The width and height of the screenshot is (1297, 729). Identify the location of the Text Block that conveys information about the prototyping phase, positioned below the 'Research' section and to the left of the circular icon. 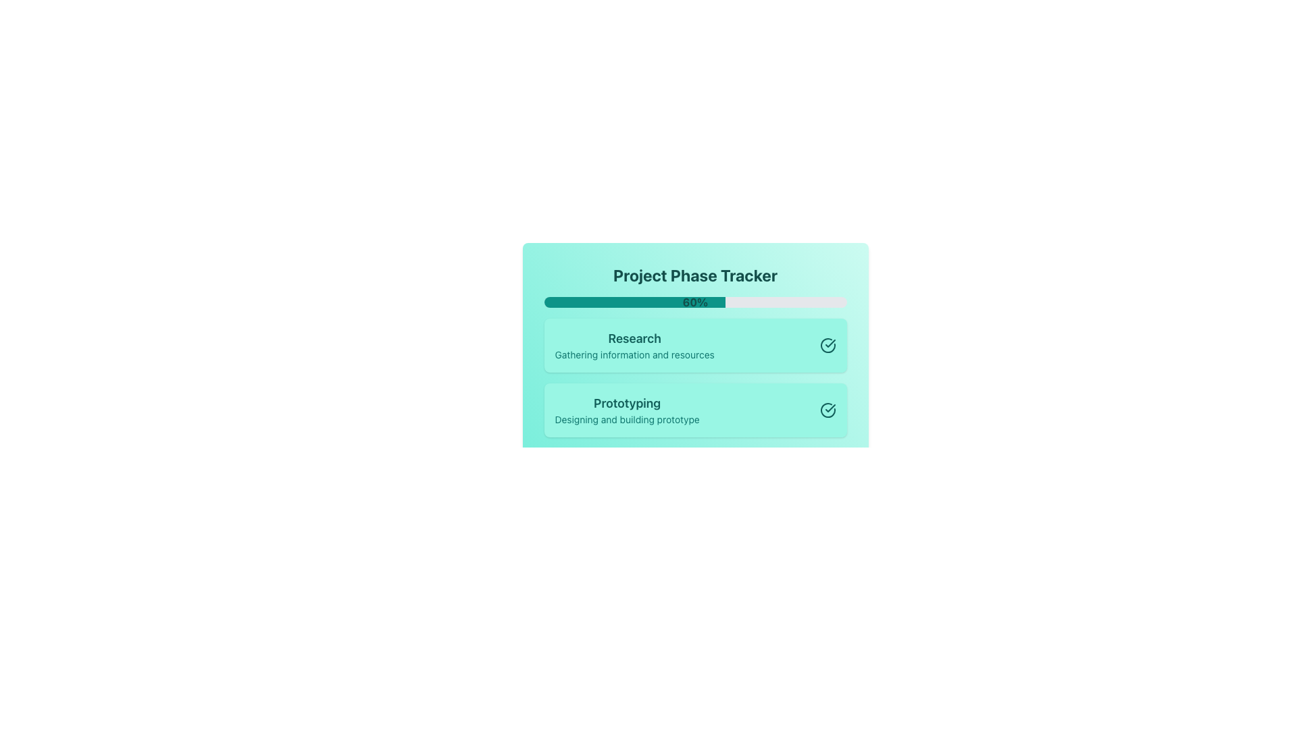
(626, 410).